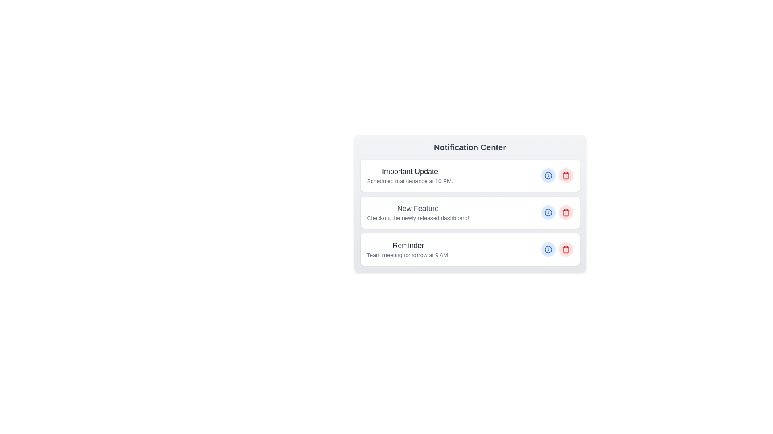 This screenshot has width=773, height=434. Describe the element at coordinates (470, 212) in the screenshot. I see `the item with title New Feature` at that location.